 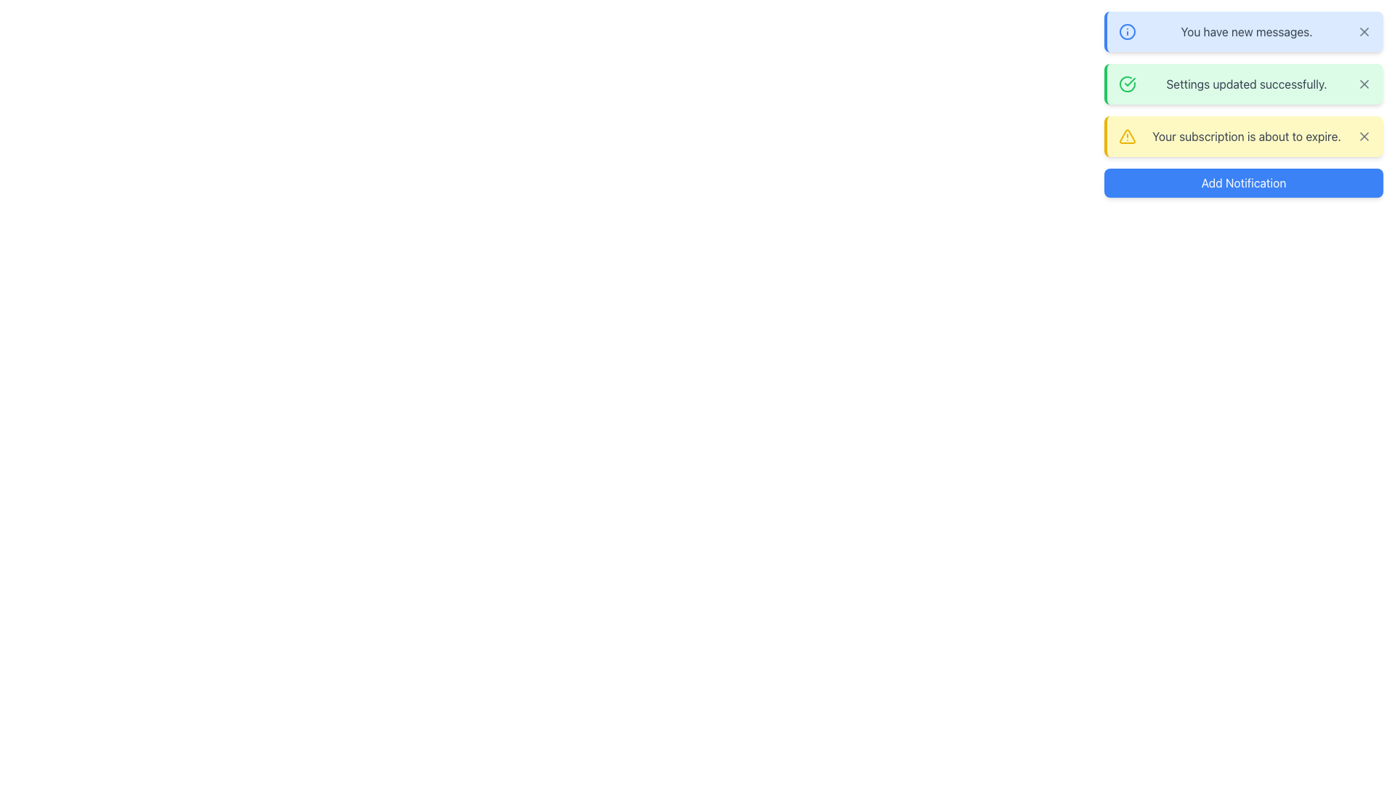 What do you see at coordinates (1126, 137) in the screenshot?
I see `the triangular warning icon with a yellow border and exclamation mark located inside the yellow-highlighted box labeled 'Your subscription is about to expire.'` at bounding box center [1126, 137].